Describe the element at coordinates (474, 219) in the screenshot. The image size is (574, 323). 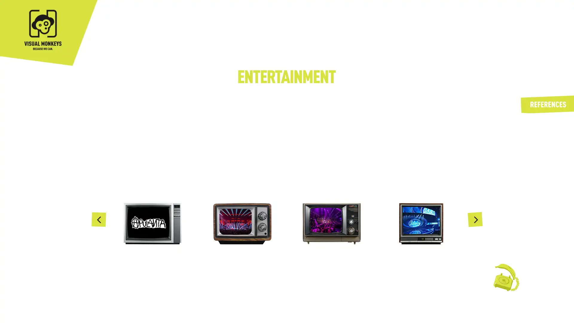
I see `Next slide` at that location.